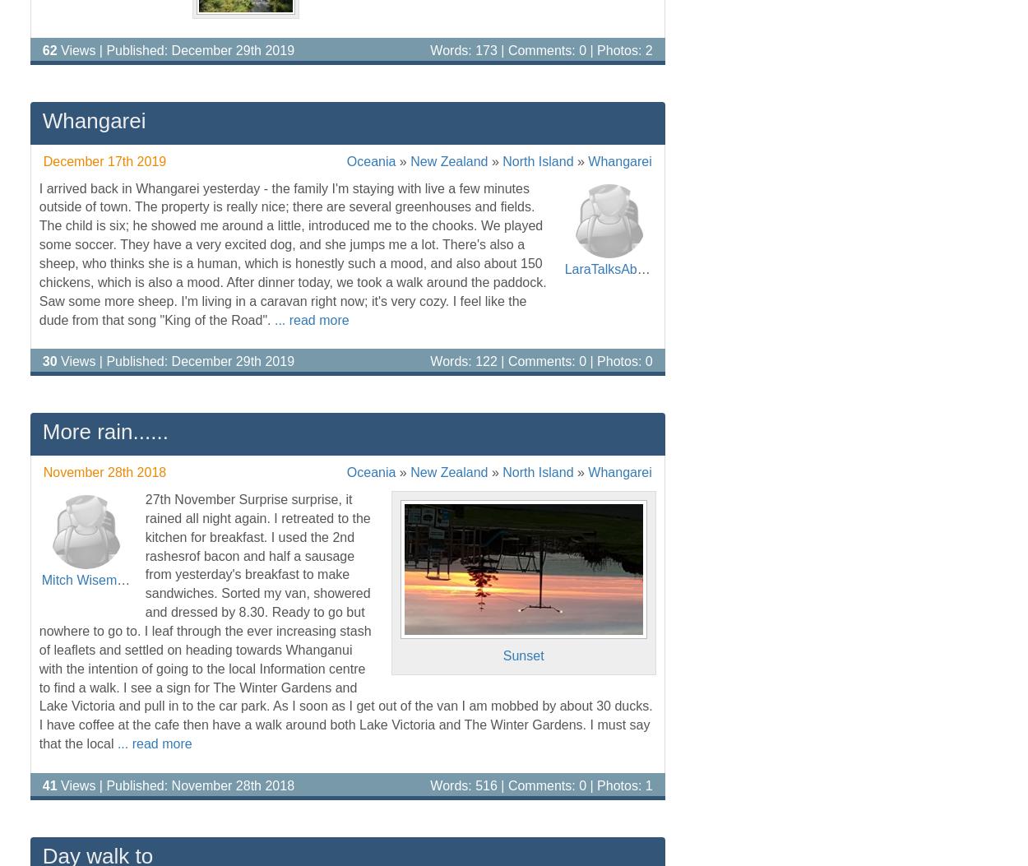 The image size is (1028, 866). Describe the element at coordinates (49, 49) in the screenshot. I see `'62'` at that location.